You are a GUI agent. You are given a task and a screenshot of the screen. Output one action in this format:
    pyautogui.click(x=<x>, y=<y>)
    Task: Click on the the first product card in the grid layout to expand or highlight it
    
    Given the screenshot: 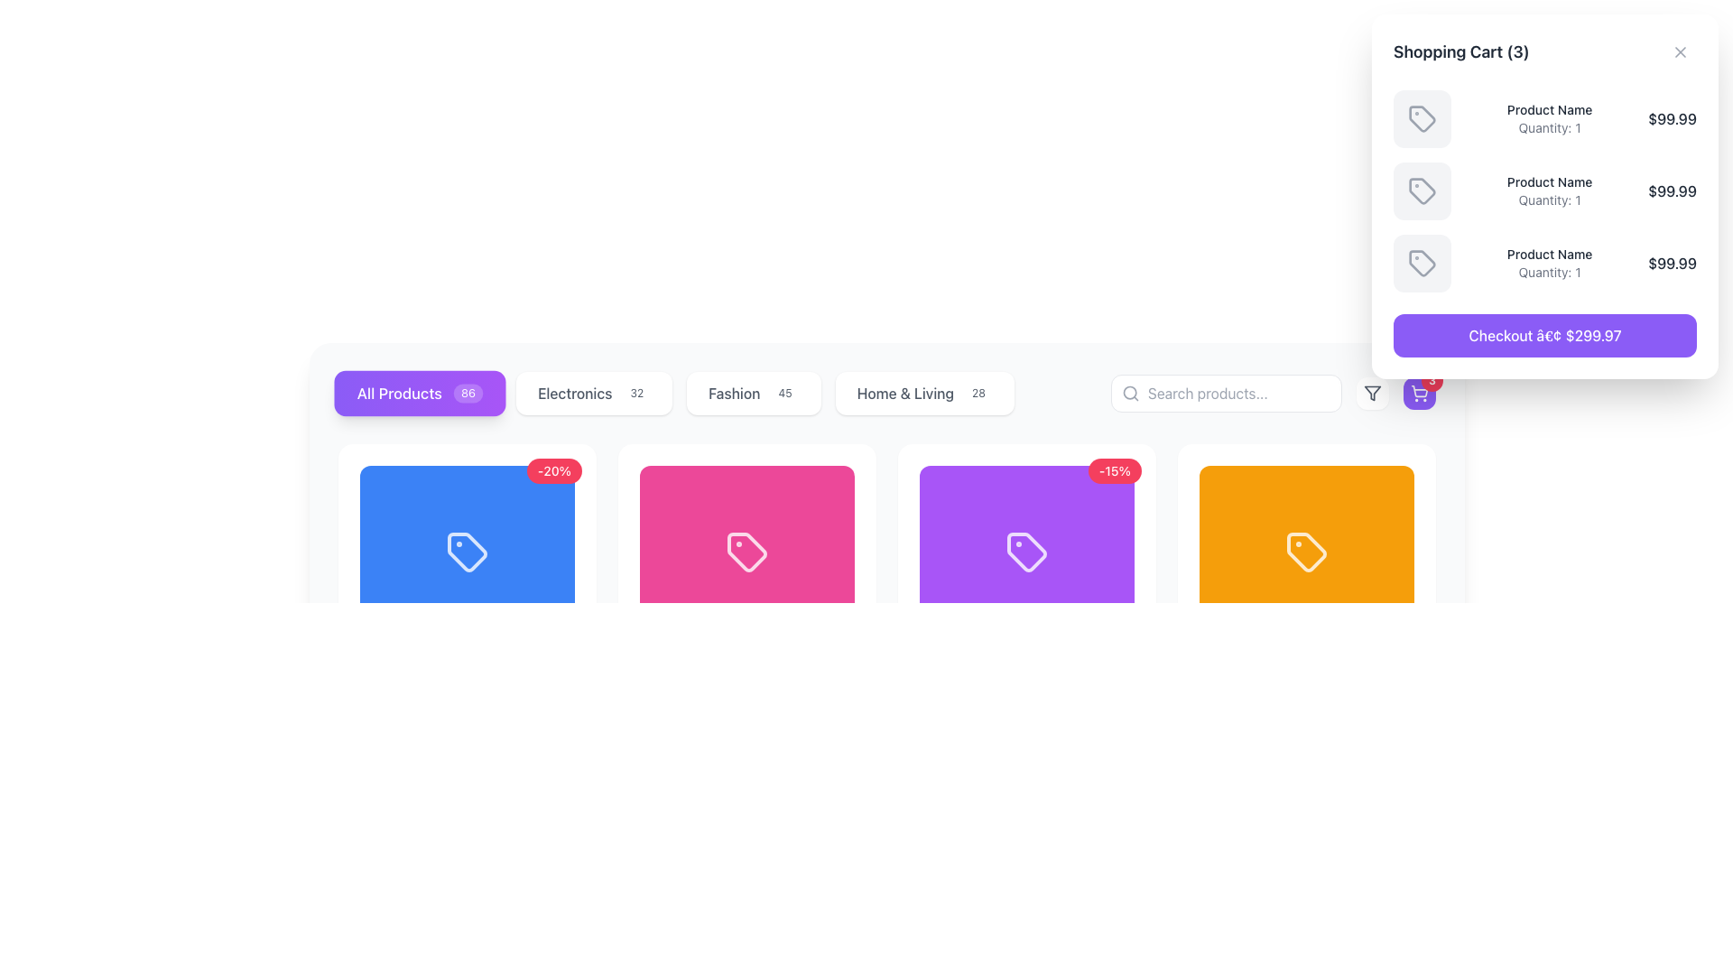 What is the action you would take?
    pyautogui.click(x=468, y=608)
    